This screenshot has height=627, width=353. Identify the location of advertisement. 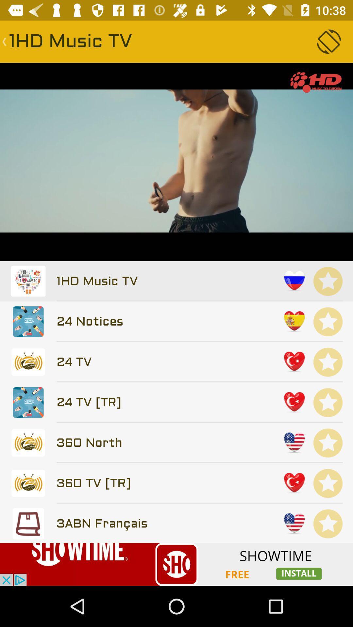
(176, 564).